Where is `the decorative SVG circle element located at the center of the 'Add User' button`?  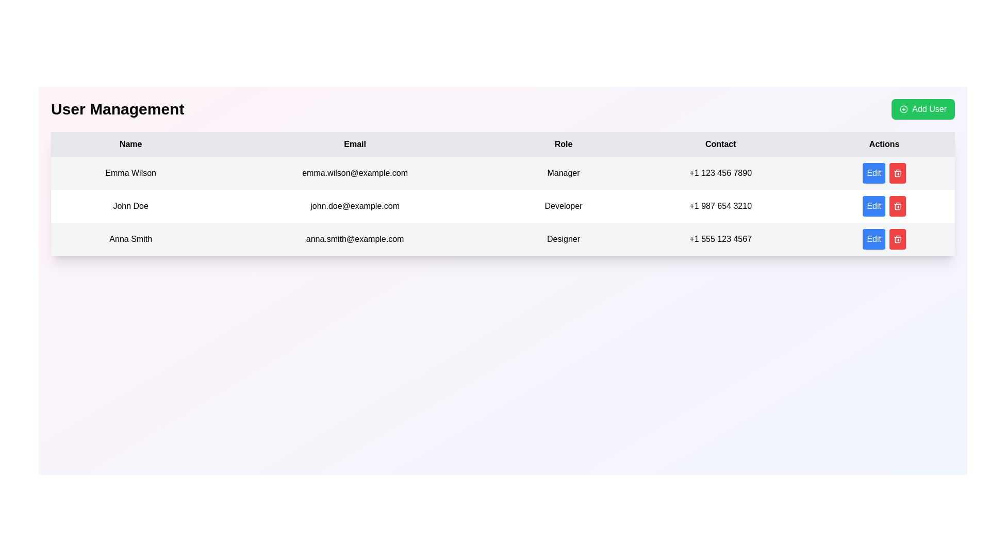
the decorative SVG circle element located at the center of the 'Add User' button is located at coordinates (903, 109).